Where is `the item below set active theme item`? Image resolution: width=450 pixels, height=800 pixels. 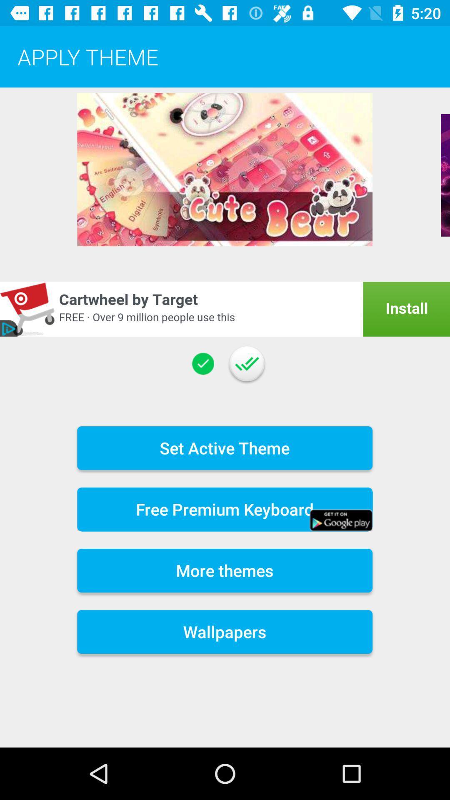 the item below set active theme item is located at coordinates (224, 509).